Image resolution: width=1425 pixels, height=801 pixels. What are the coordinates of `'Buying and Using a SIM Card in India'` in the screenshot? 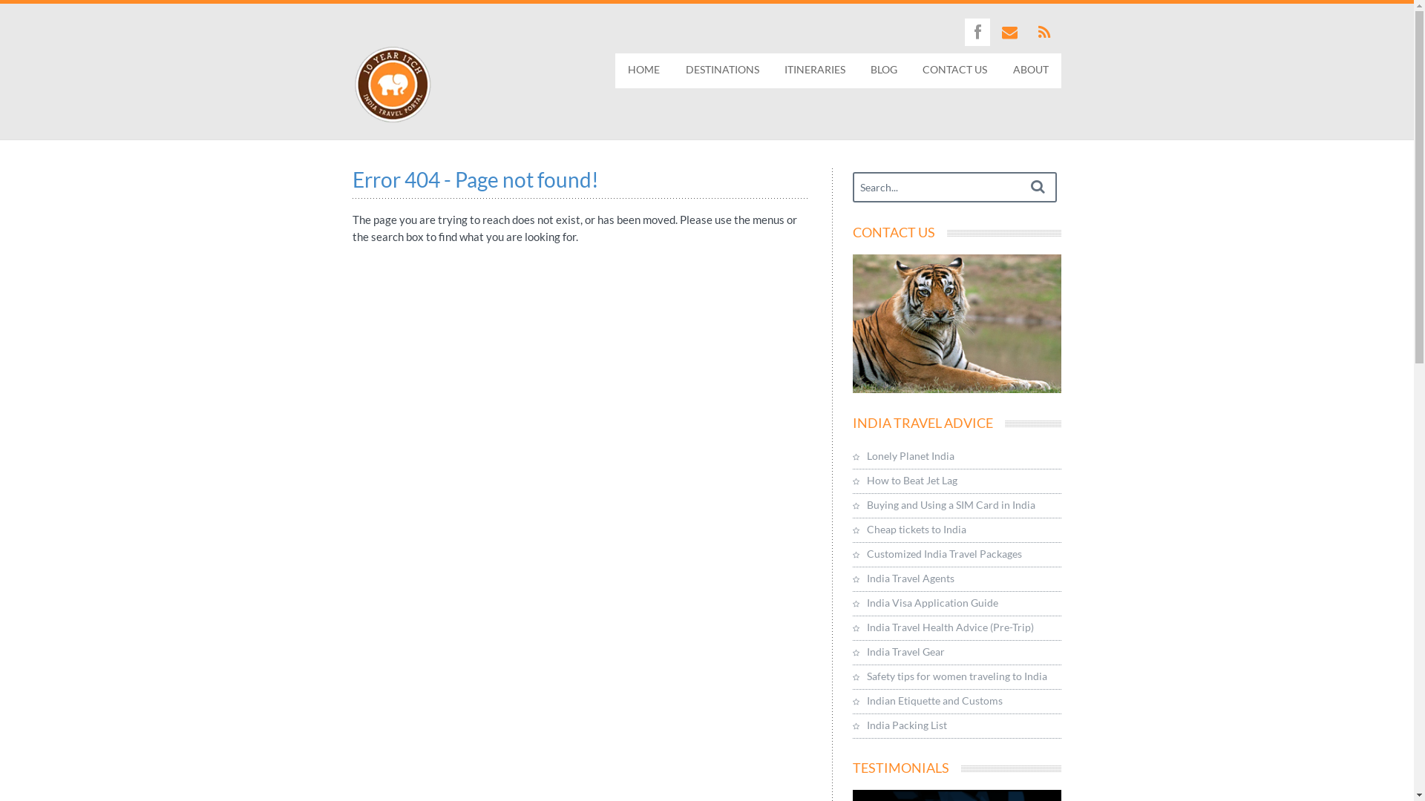 It's located at (957, 505).